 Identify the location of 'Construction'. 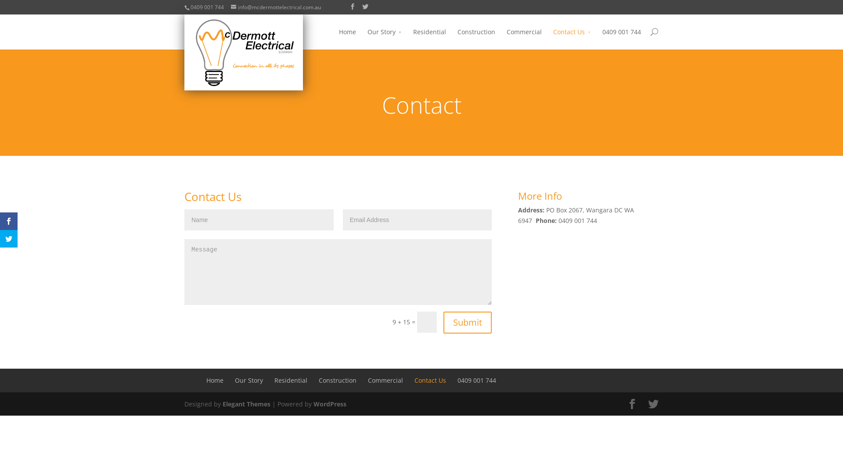
(476, 38).